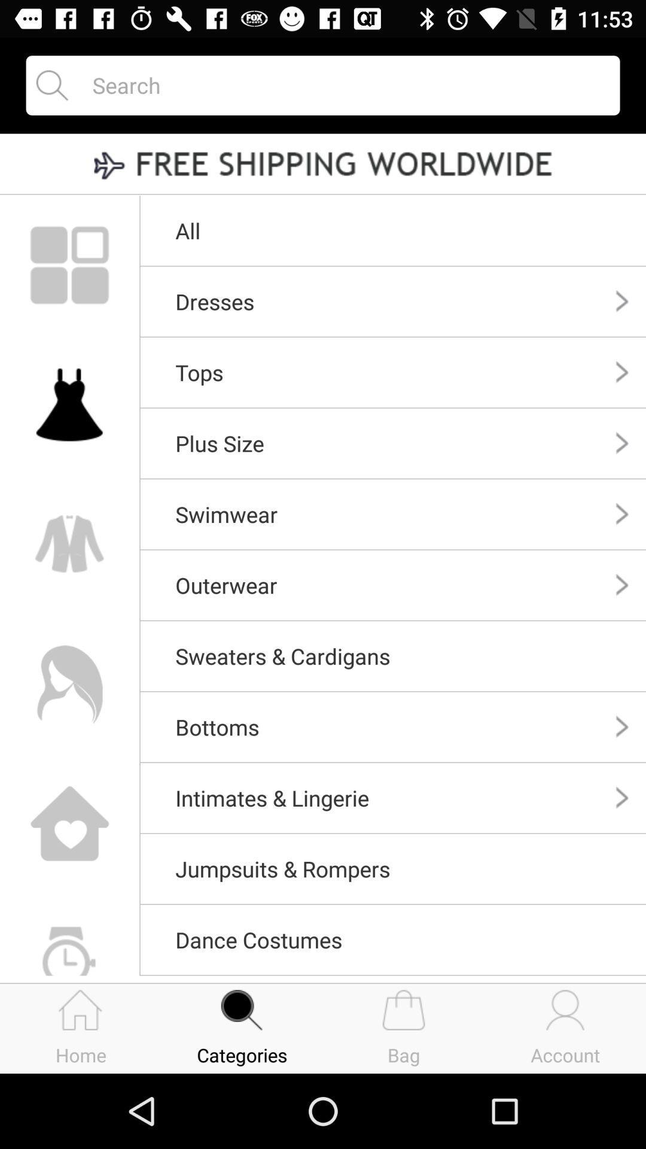  I want to click on search textbox, so click(345, 84).